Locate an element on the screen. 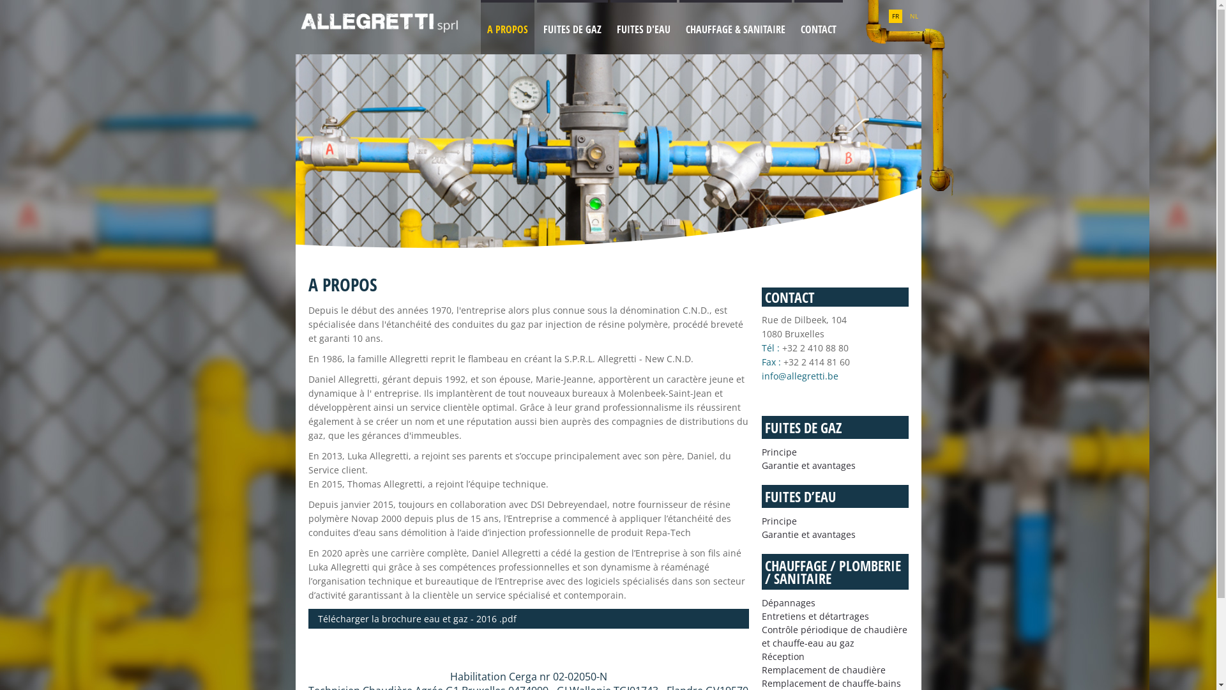 The width and height of the screenshot is (1226, 690). 'info@allegretti.be' is located at coordinates (761, 375).